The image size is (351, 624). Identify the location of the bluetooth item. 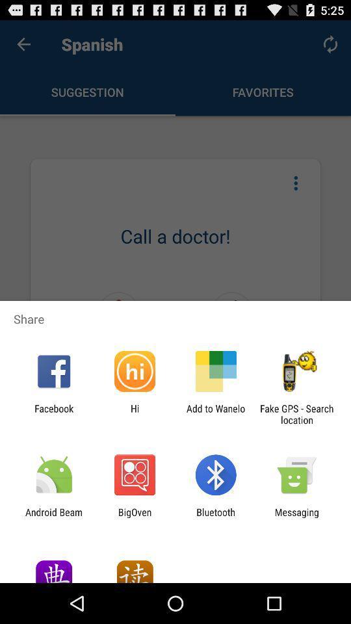
(216, 517).